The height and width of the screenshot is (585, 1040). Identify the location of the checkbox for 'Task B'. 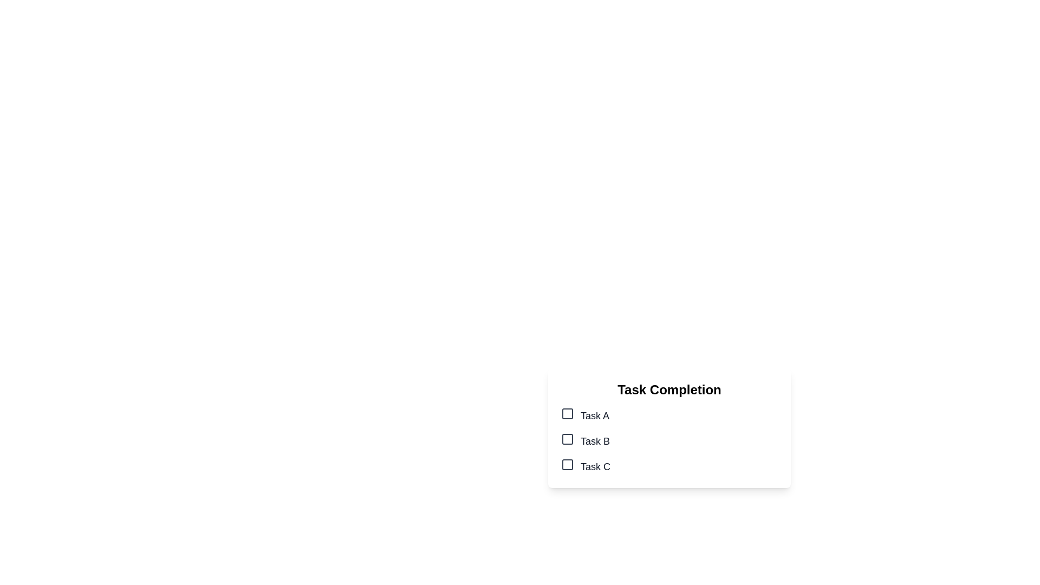
(567, 439).